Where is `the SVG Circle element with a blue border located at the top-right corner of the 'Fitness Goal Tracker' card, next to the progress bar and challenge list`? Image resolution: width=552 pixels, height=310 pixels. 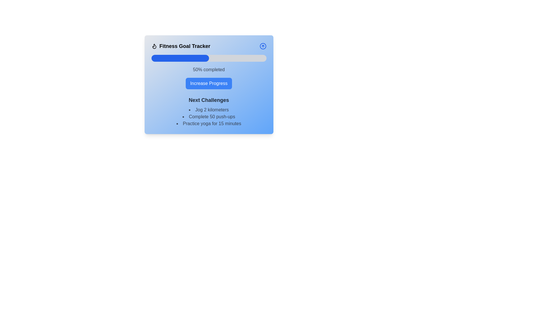
the SVG Circle element with a blue border located at the top-right corner of the 'Fitness Goal Tracker' card, next to the progress bar and challenge list is located at coordinates (262, 46).